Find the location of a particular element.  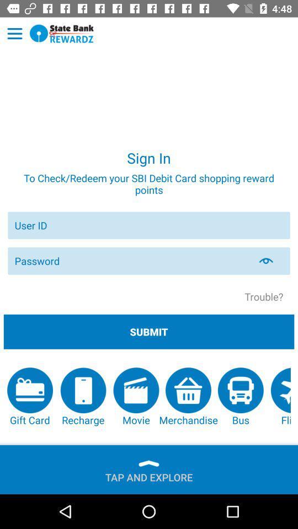

password is located at coordinates (131, 261).